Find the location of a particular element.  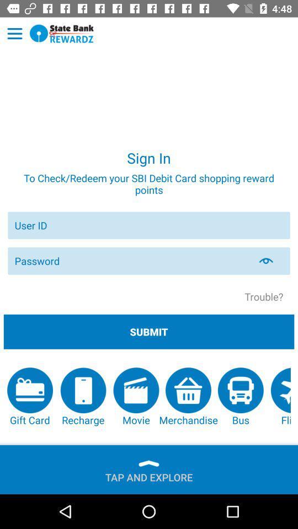

password is located at coordinates (131, 261).